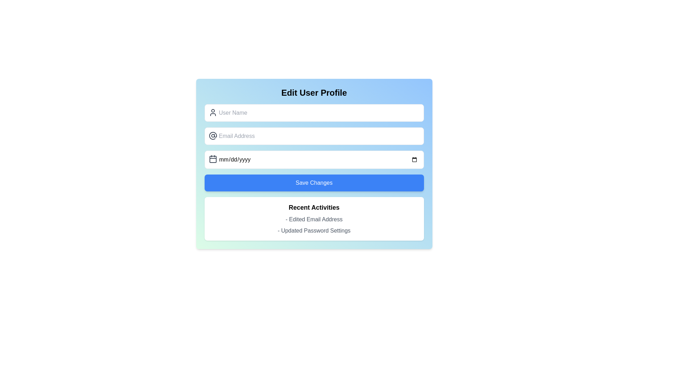  What do you see at coordinates (314, 136) in the screenshot?
I see `the Email input field in the 'Edit User Profile' card` at bounding box center [314, 136].